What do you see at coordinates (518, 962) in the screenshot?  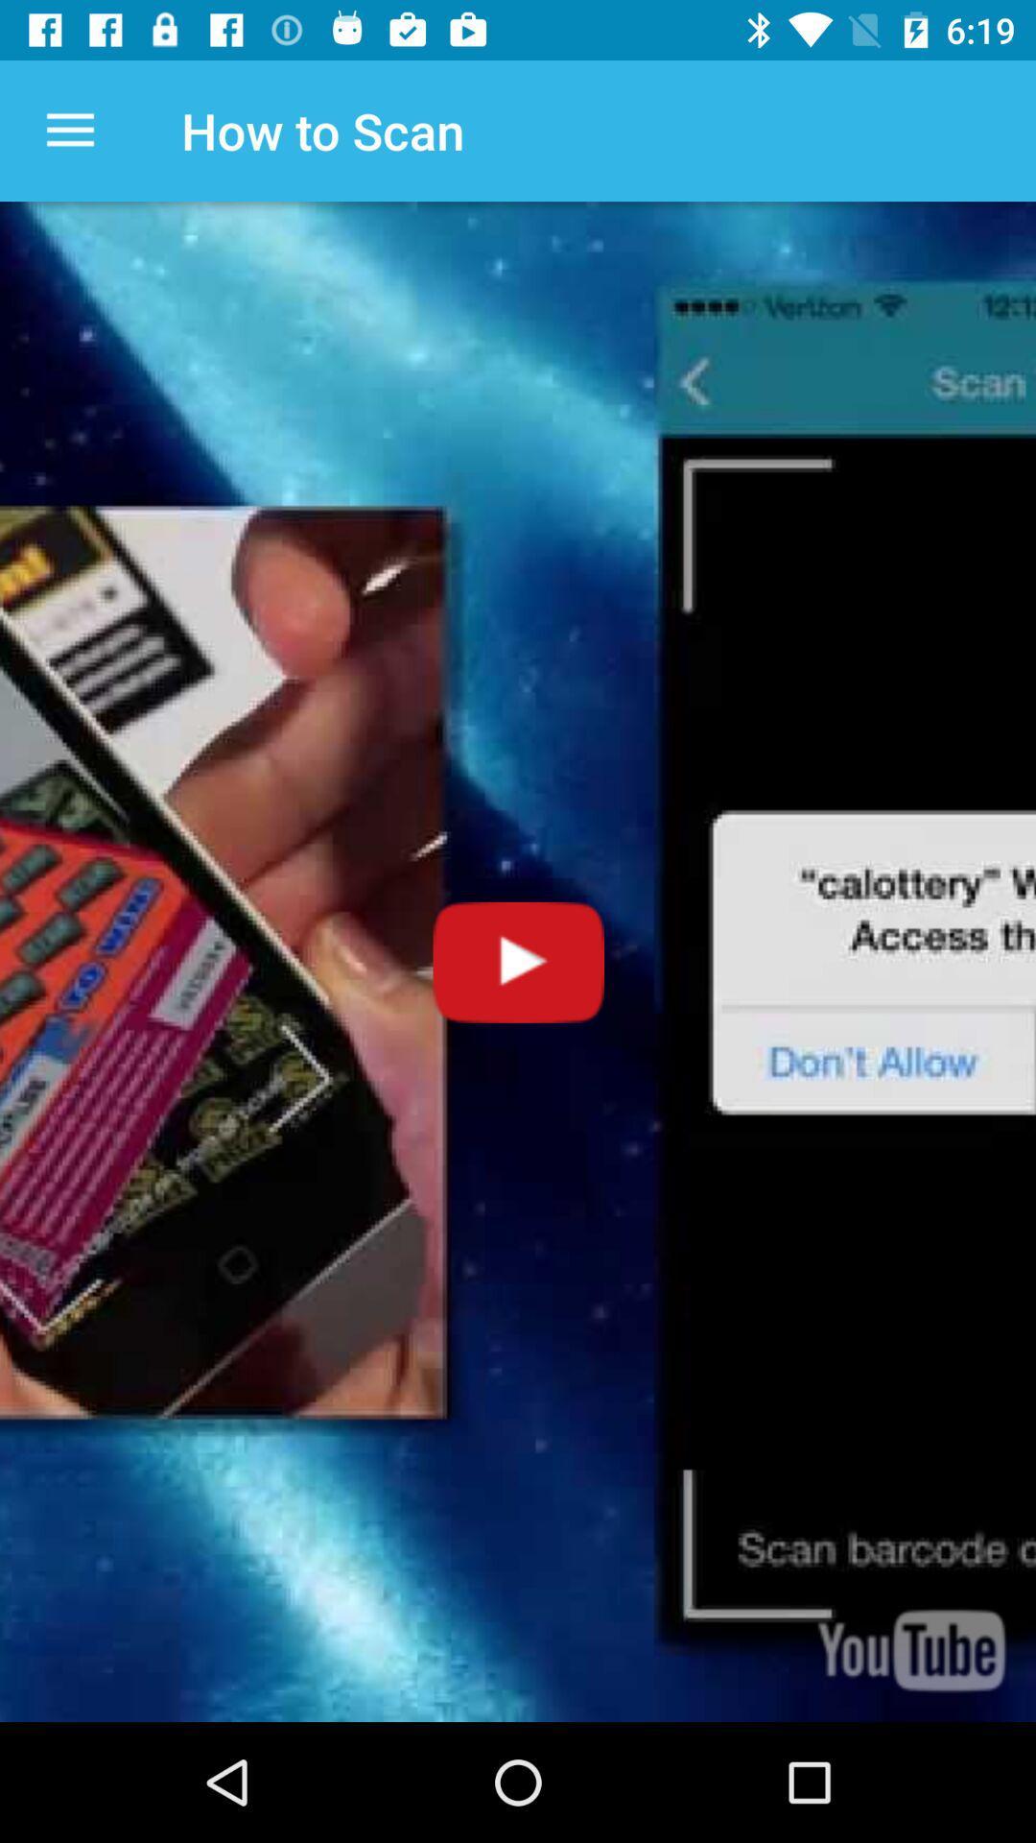 I see `advertisement page` at bounding box center [518, 962].